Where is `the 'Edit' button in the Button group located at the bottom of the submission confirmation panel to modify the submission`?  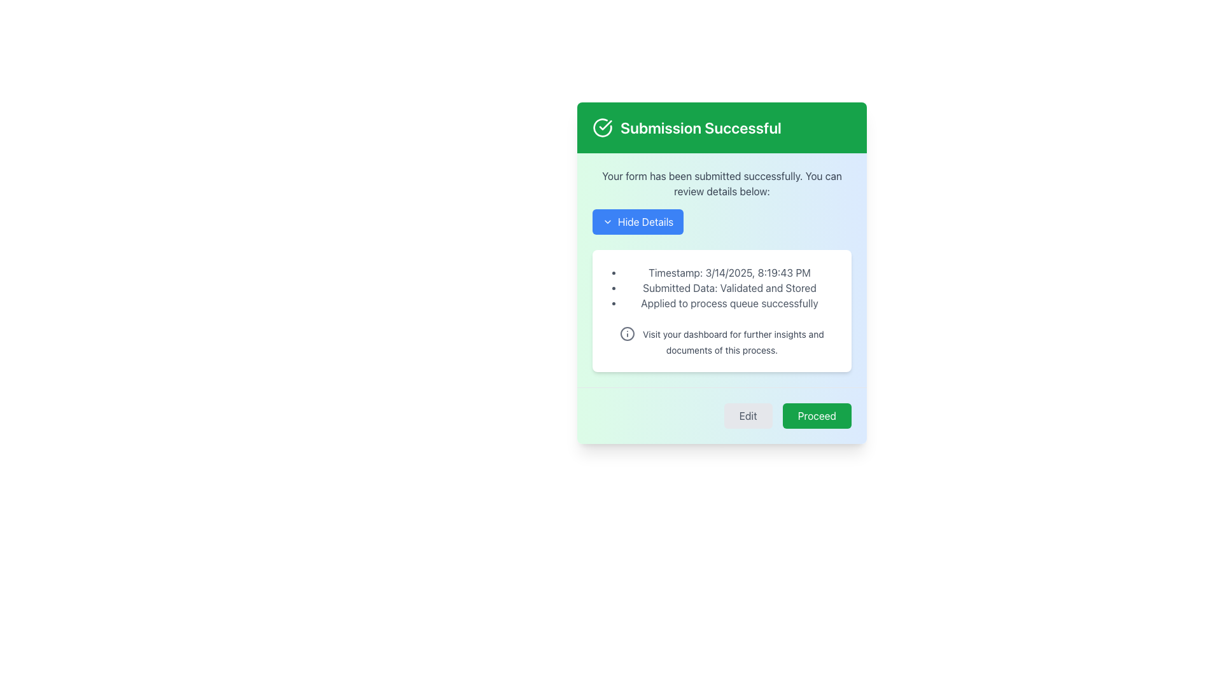 the 'Edit' button in the Button group located at the bottom of the submission confirmation panel to modify the submission is located at coordinates (722, 415).